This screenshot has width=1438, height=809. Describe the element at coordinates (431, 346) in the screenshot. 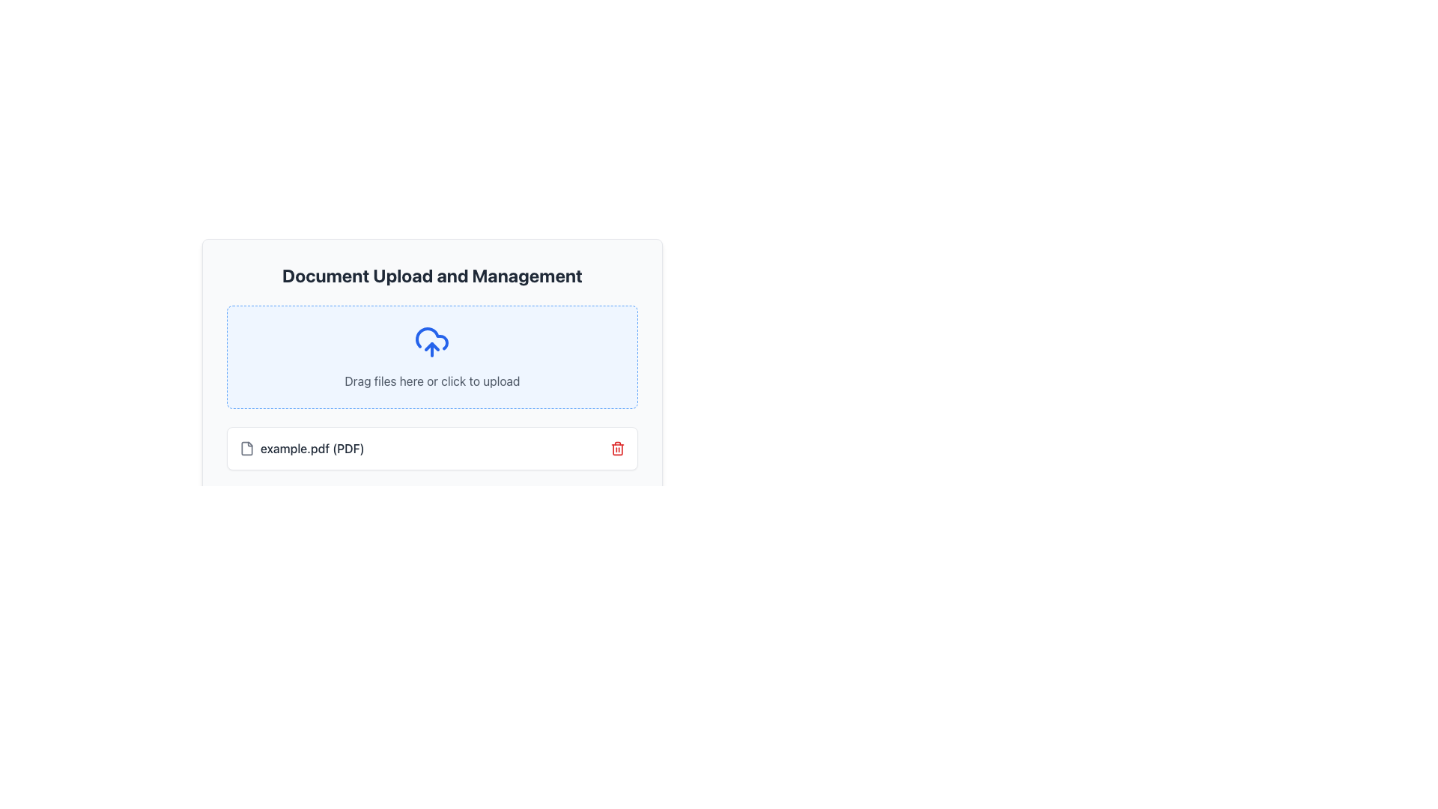

I see `the upward-pointing arrow icon, which is a simple line drawing located centrally within the larger cloud icon in the upload section of the user interface` at that location.